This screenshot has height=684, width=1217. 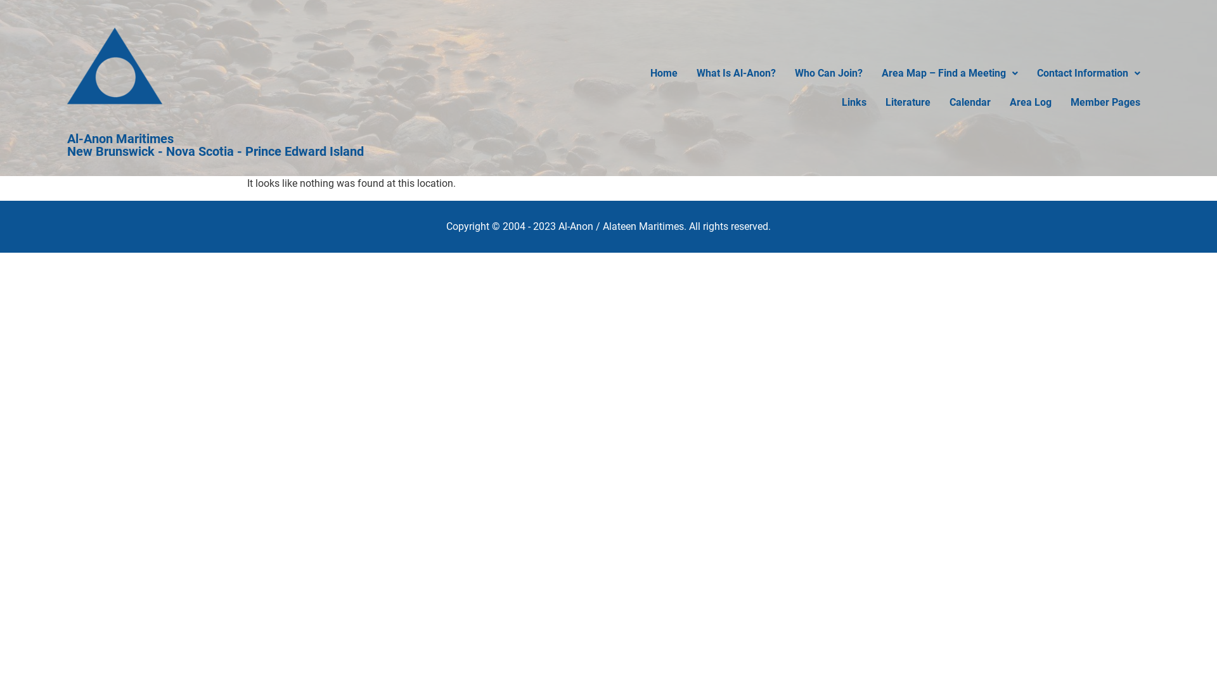 What do you see at coordinates (969, 102) in the screenshot?
I see `'Calendar'` at bounding box center [969, 102].